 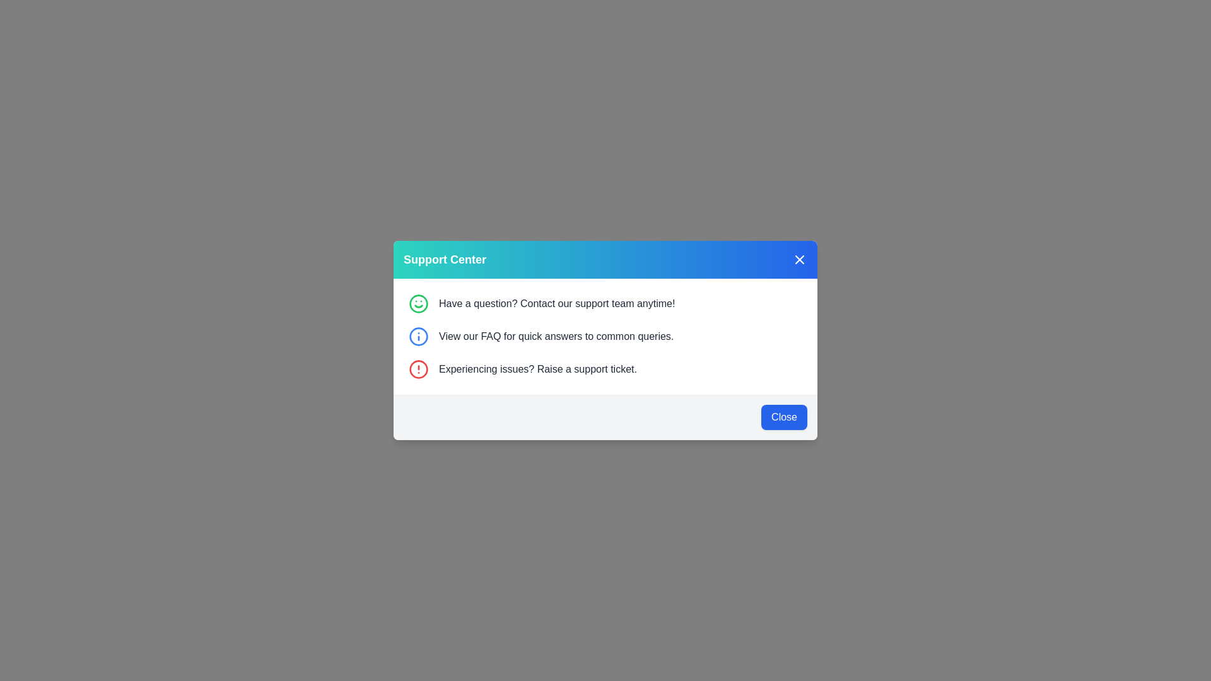 What do you see at coordinates (605, 369) in the screenshot?
I see `the Informational Section with Text and Icon that encourages users to raise a support ticket, located as the third item in the support panel` at bounding box center [605, 369].